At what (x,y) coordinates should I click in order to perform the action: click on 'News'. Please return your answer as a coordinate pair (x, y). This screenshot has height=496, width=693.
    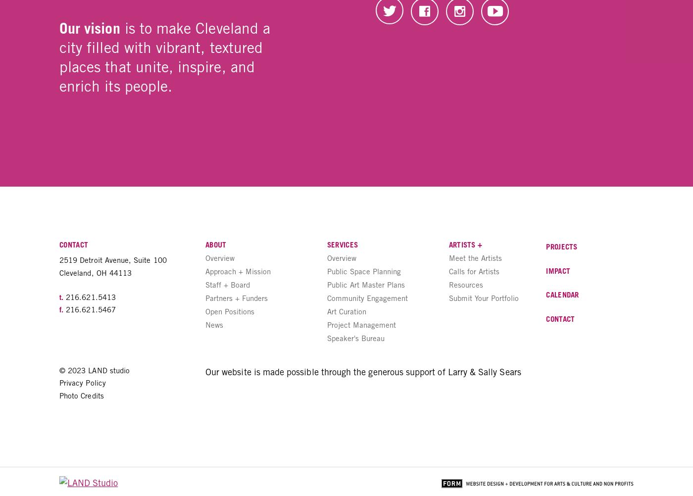
    Looking at the image, I should click on (214, 324).